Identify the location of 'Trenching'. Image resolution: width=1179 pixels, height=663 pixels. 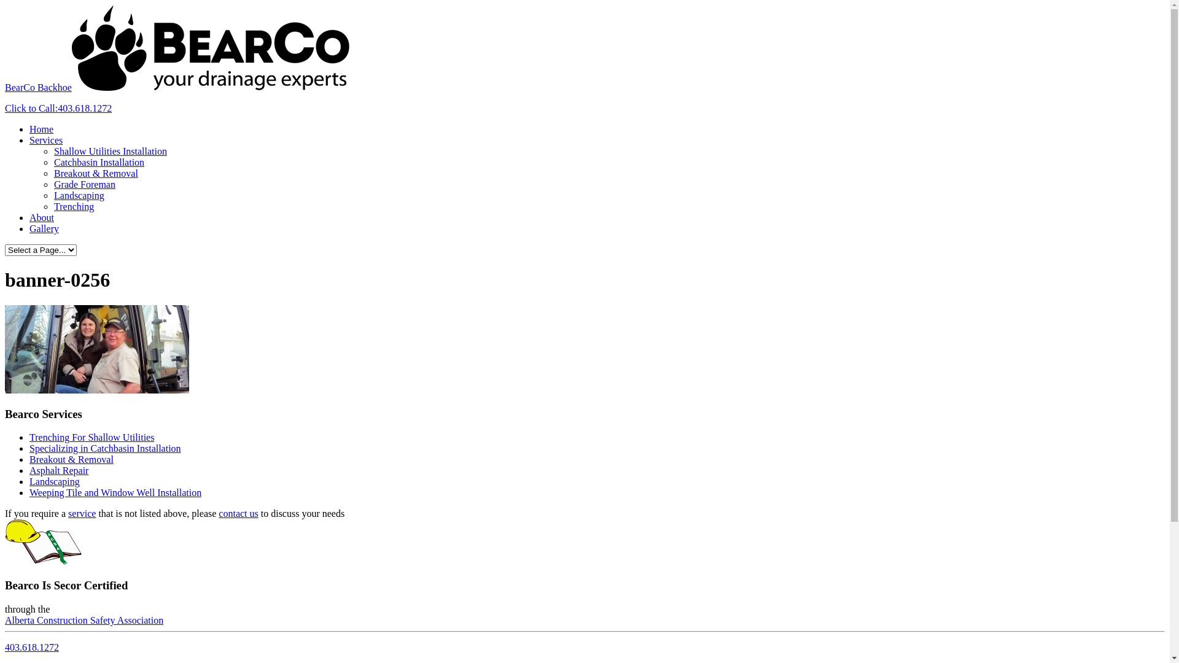
(73, 206).